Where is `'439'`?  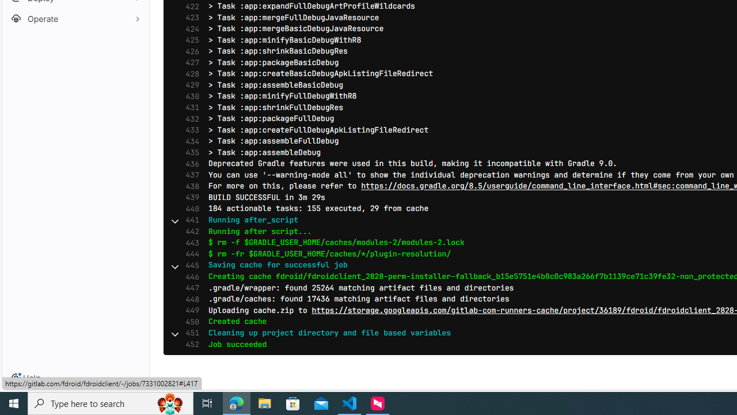 '439' is located at coordinates (189, 197).